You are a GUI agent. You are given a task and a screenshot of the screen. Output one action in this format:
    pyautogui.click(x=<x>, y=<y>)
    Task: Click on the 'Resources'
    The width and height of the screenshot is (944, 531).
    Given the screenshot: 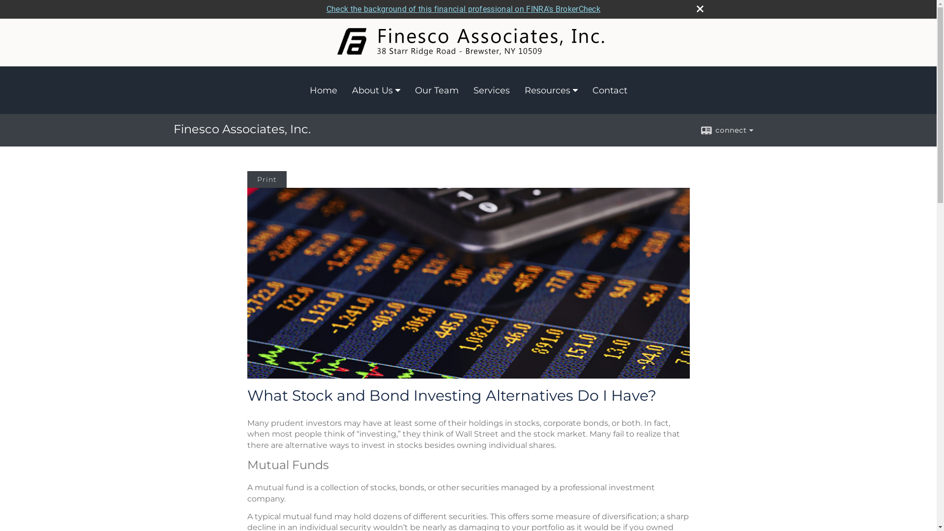 What is the action you would take?
    pyautogui.click(x=551, y=90)
    